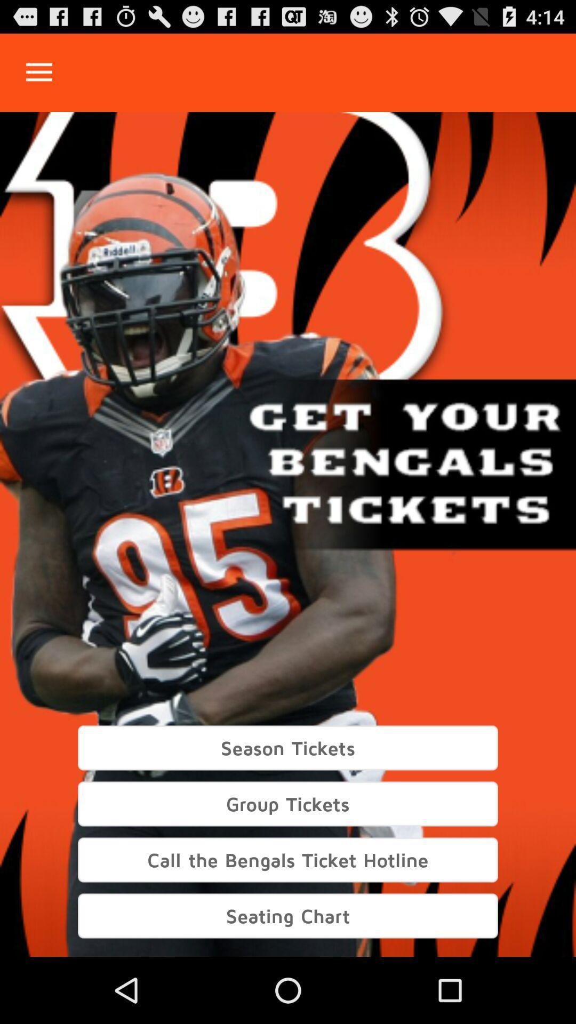 Image resolution: width=576 pixels, height=1024 pixels. Describe the element at coordinates (38, 72) in the screenshot. I see `setting` at that location.